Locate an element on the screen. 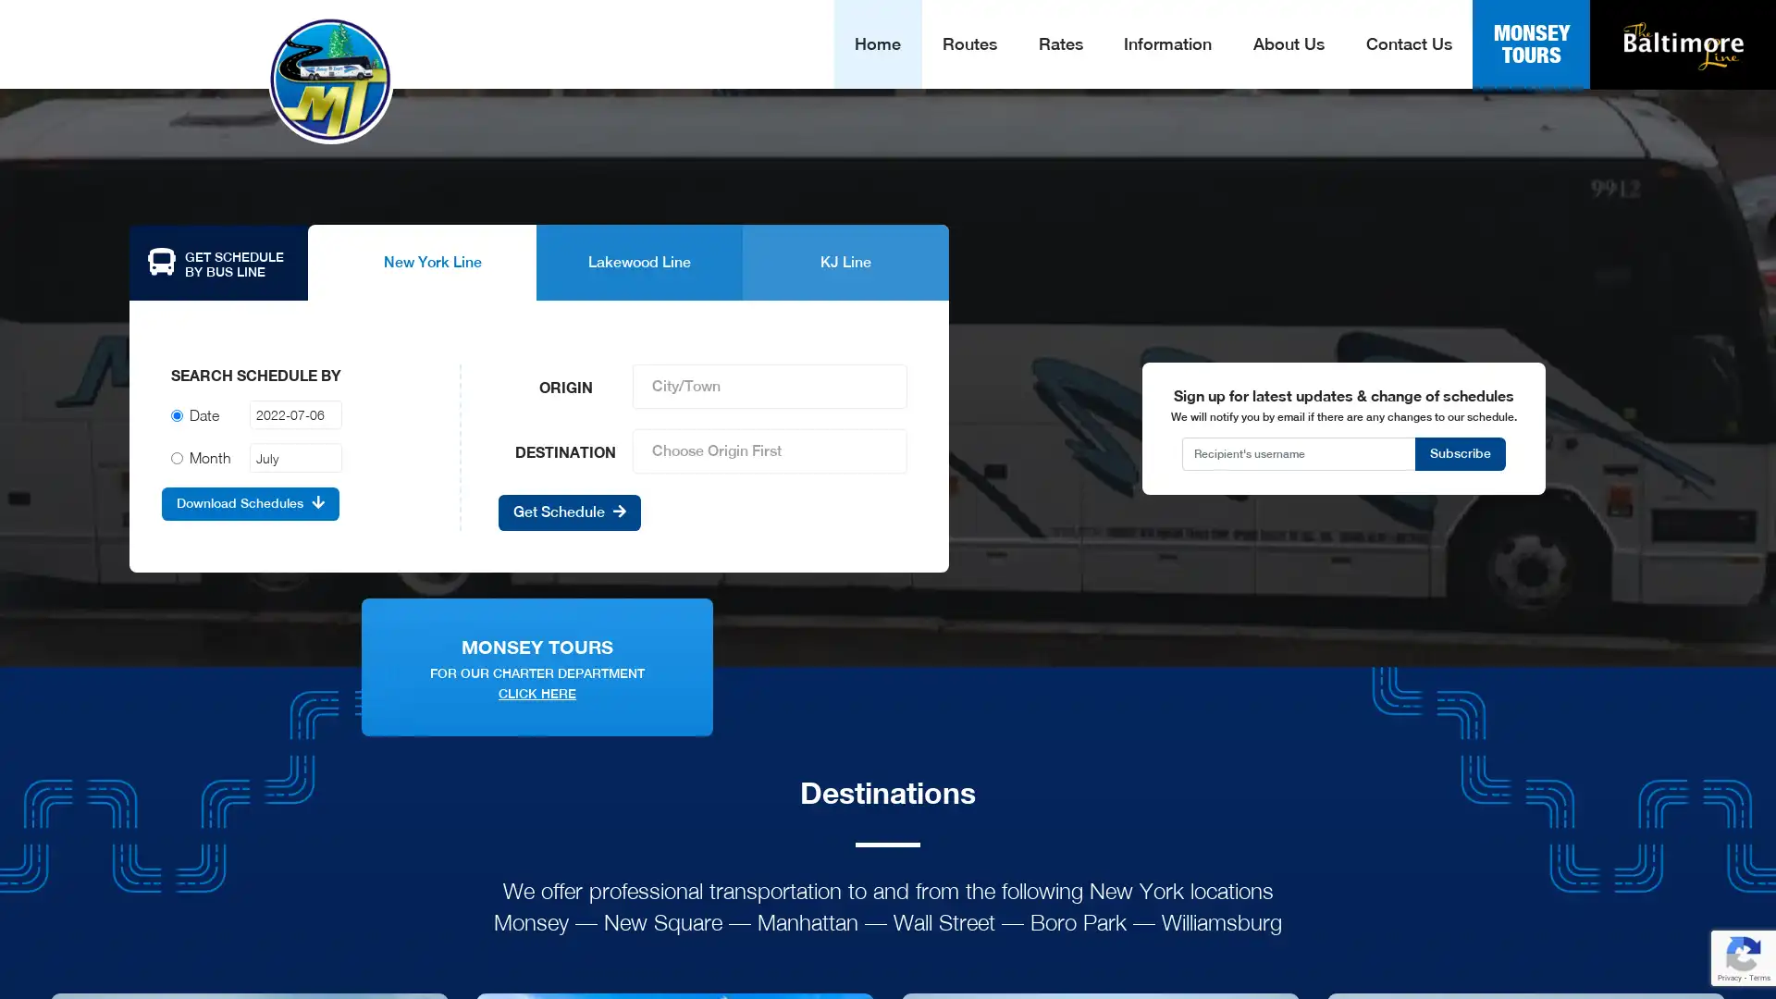 The height and width of the screenshot is (999, 1776). Get Schedule is located at coordinates (568, 512).